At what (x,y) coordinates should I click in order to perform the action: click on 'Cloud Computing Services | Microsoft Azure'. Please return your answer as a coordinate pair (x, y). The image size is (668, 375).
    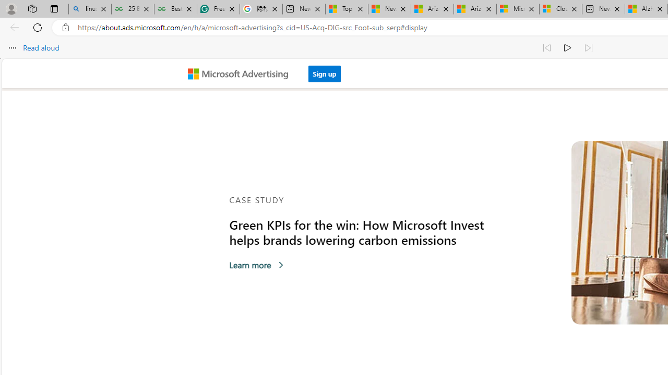
    Looking at the image, I should click on (560, 9).